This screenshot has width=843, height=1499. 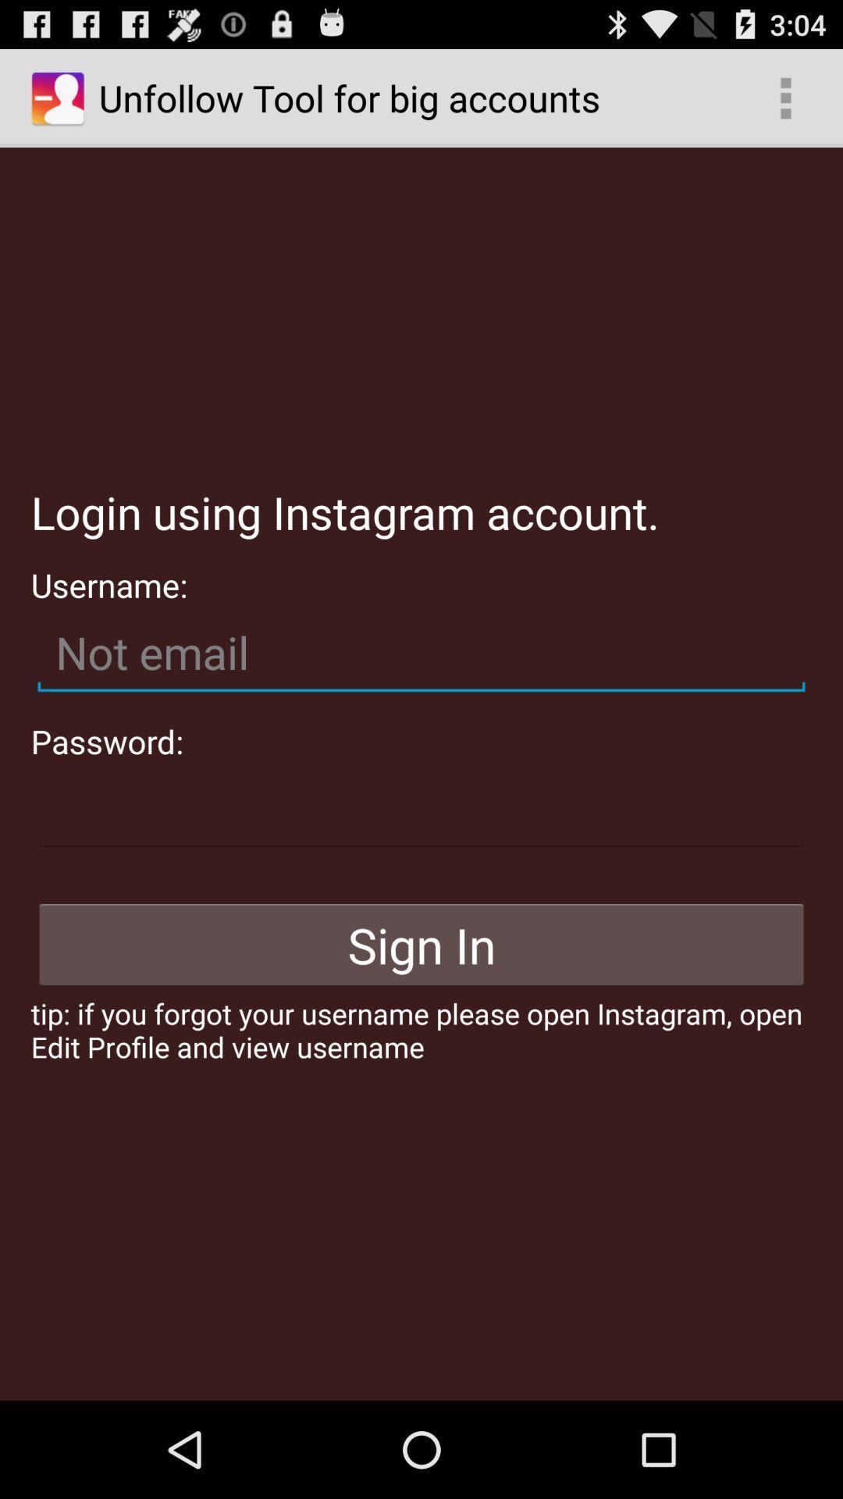 I want to click on the icon at the top right corner, so click(x=785, y=97).